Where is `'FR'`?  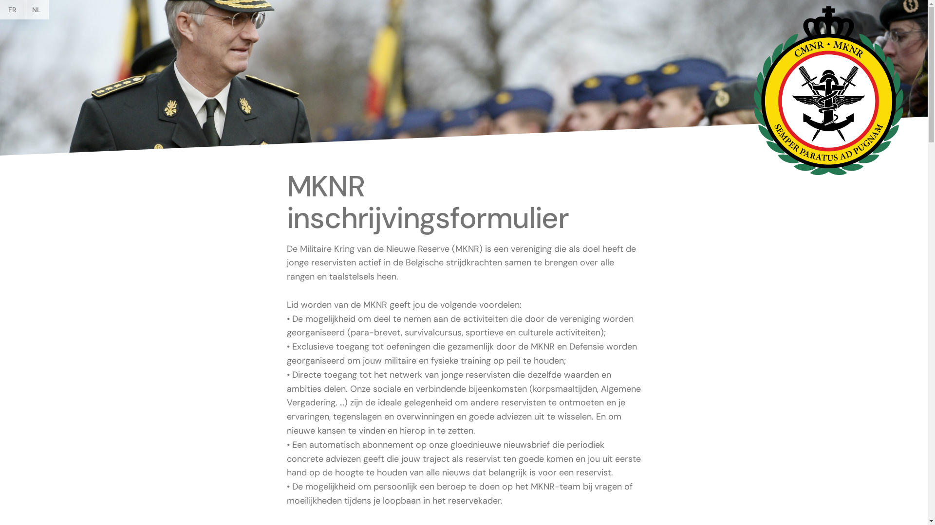
'FR' is located at coordinates (12, 9).